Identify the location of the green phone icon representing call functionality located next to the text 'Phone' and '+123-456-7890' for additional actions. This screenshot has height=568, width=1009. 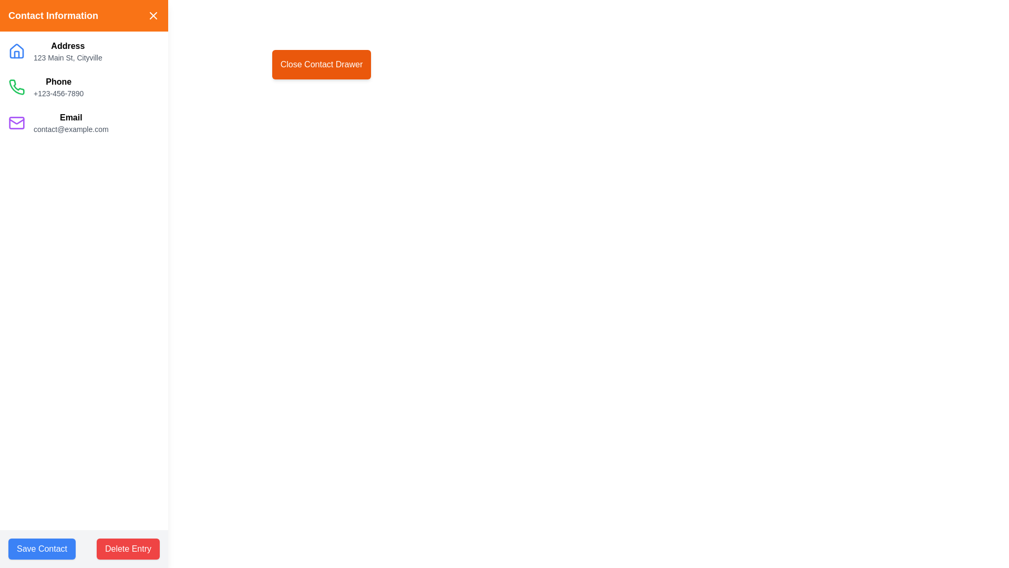
(17, 86).